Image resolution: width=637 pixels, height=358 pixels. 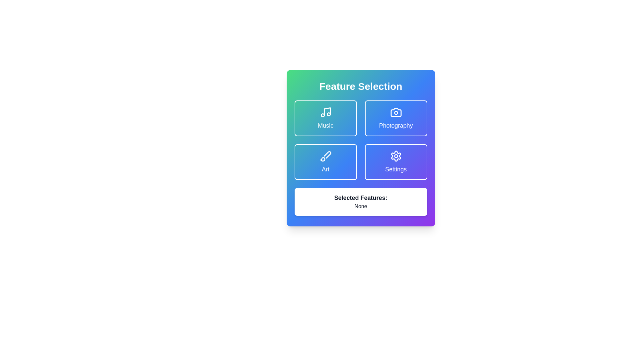 I want to click on the 'Music' button, so click(x=325, y=118).